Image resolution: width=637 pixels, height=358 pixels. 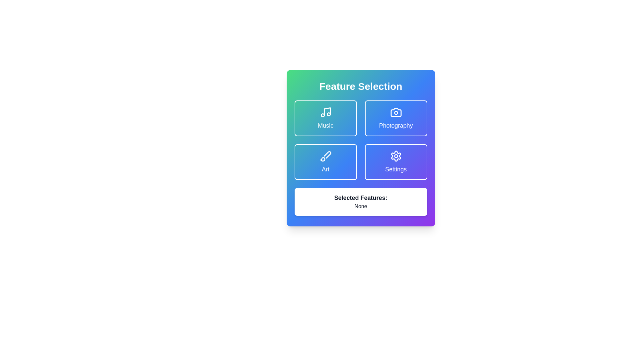 I want to click on the 'Music' button, so click(x=325, y=118).